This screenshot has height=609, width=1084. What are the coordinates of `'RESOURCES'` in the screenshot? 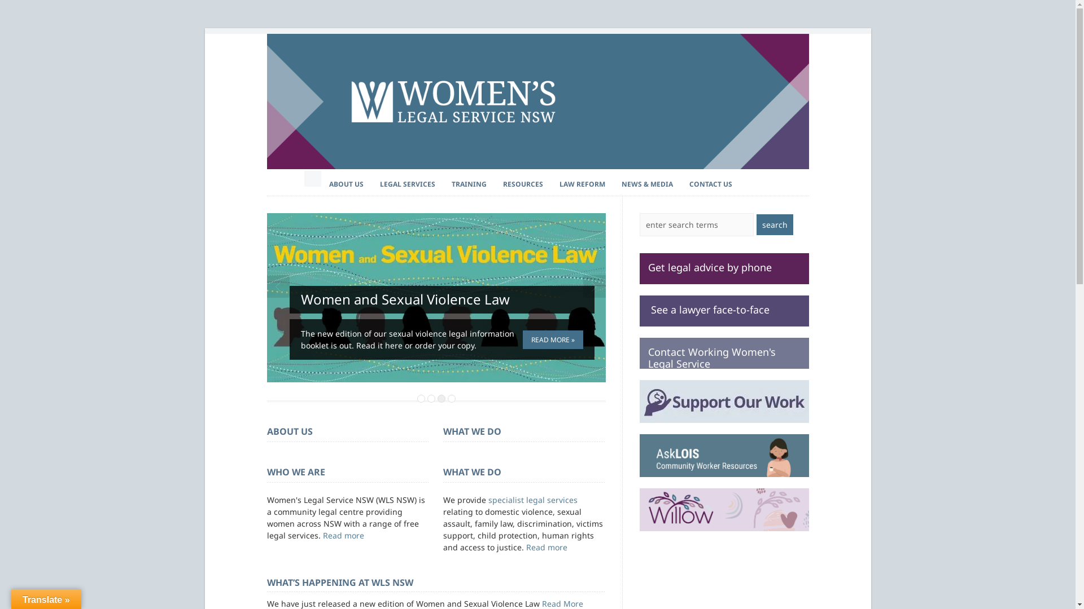 It's located at (522, 184).